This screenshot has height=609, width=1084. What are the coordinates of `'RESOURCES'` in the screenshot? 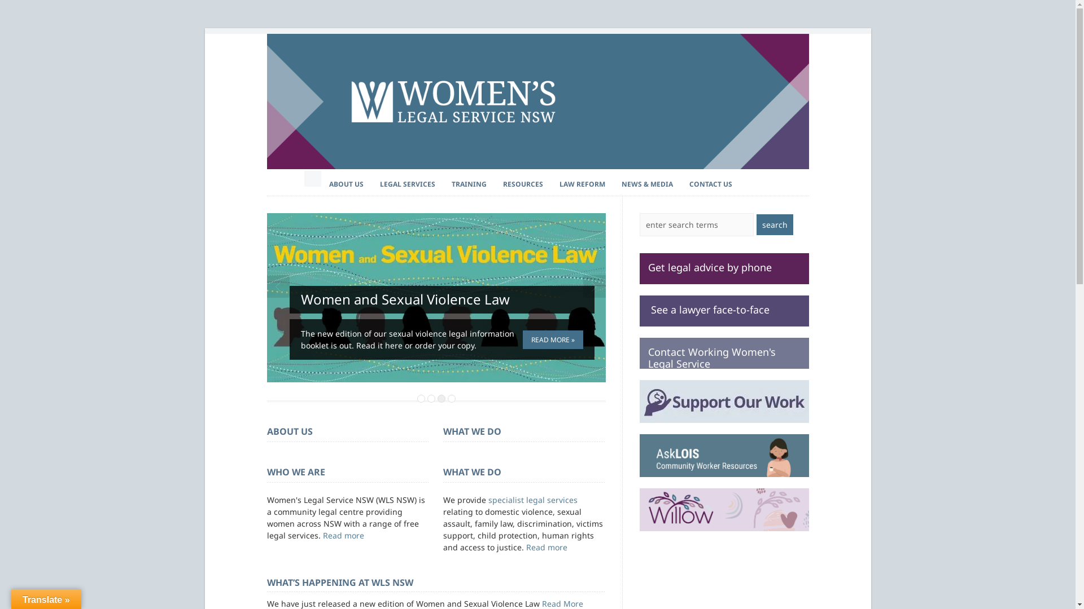 It's located at (522, 184).